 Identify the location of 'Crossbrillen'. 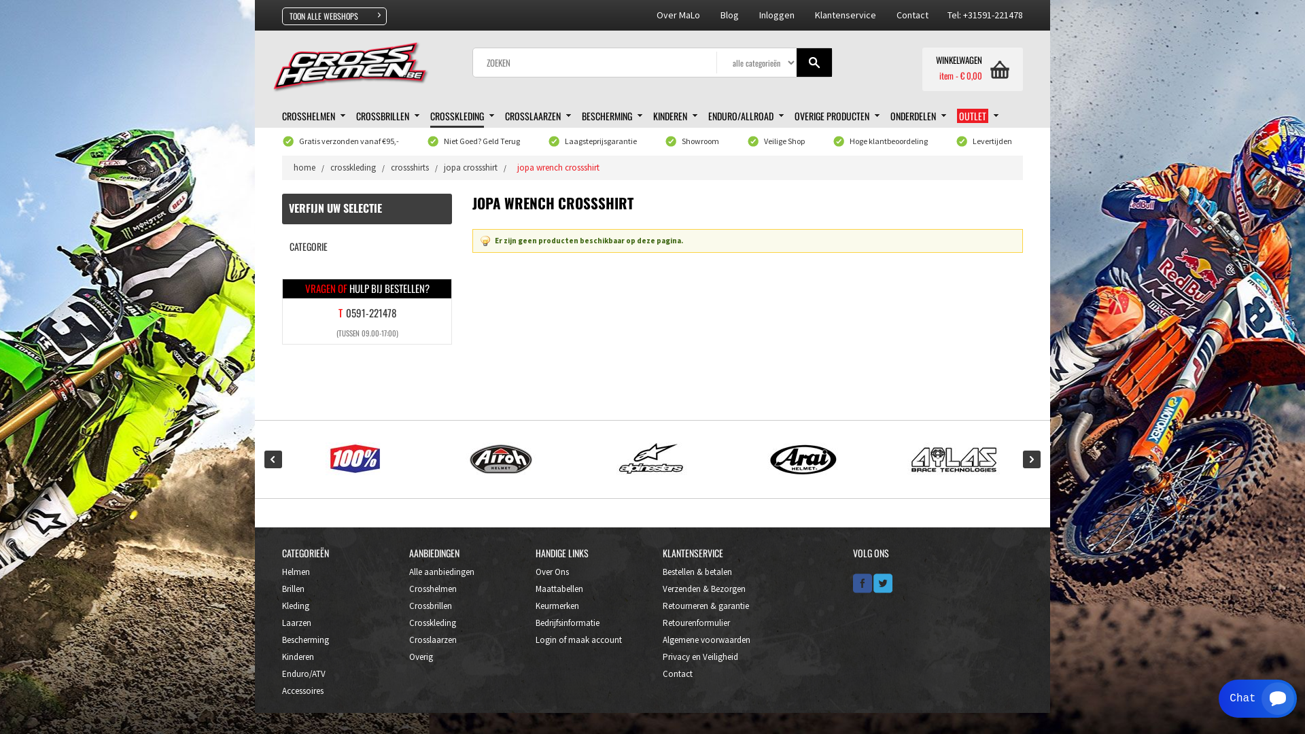
(430, 604).